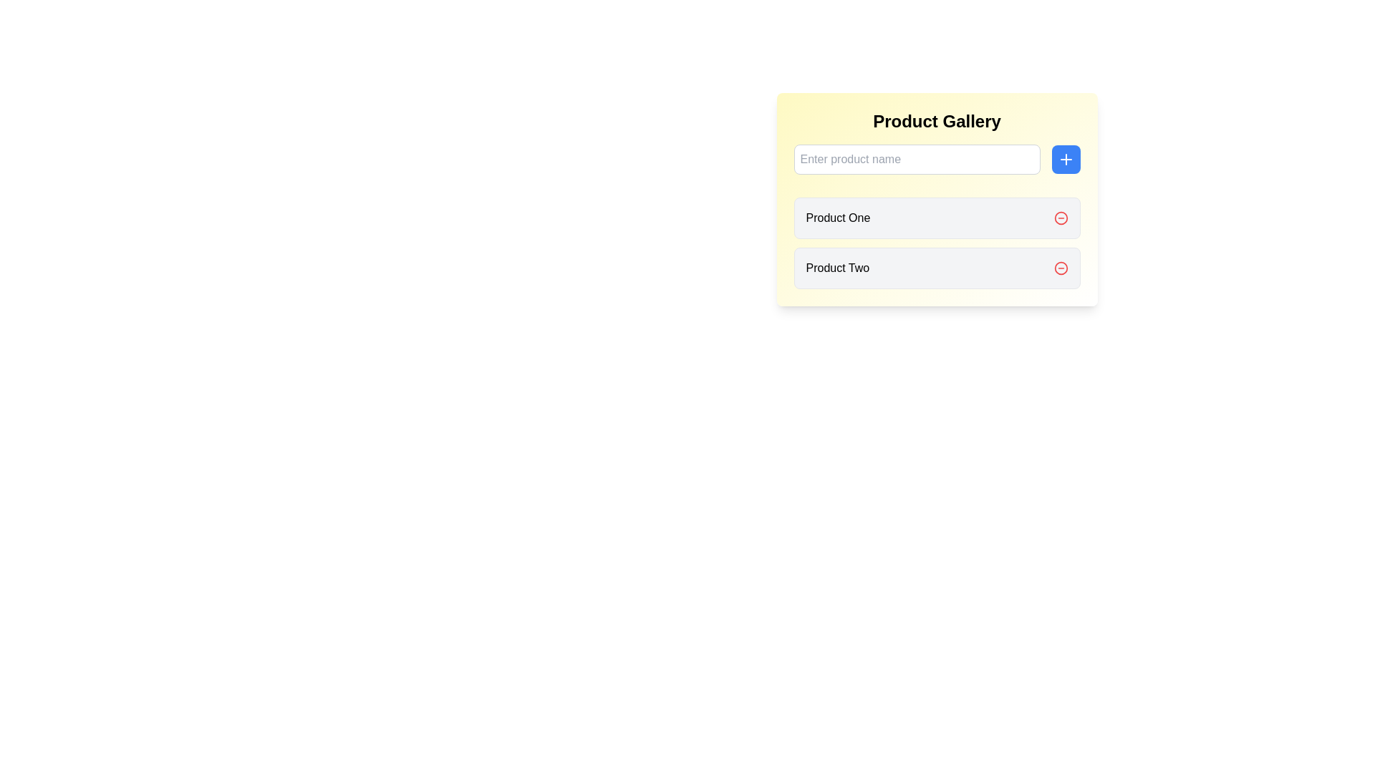 The image size is (1375, 773). Describe the element at coordinates (1061, 268) in the screenshot. I see `the circular border of the SVG icon located next to the 'Product One' label in the list layout` at that location.